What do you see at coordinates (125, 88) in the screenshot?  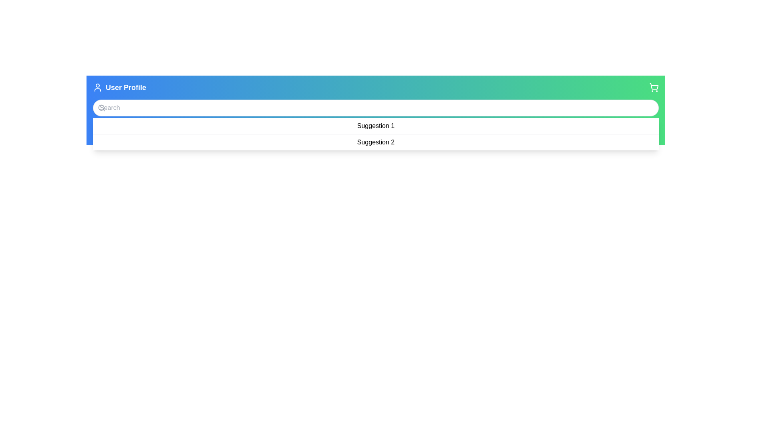 I see `the 'User Profile' text label, which is styled in white with a large bold font, located in the top-left portion of the interface within a gradient header bar` at bounding box center [125, 88].